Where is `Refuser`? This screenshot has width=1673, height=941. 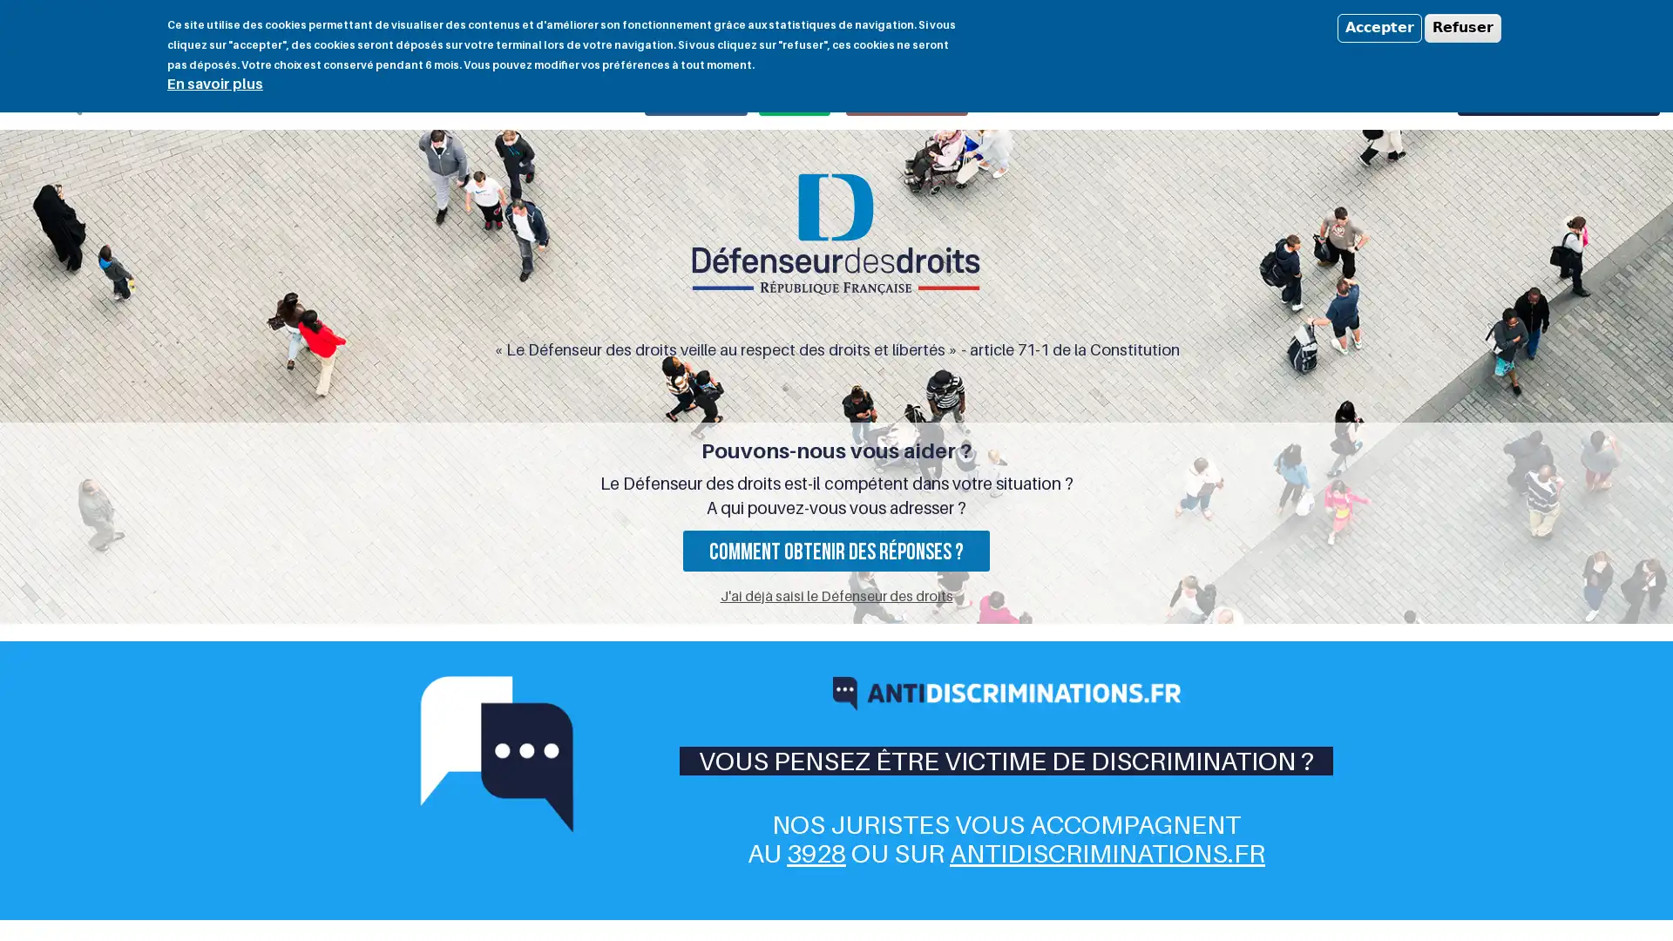 Refuser is located at coordinates (1463, 27).